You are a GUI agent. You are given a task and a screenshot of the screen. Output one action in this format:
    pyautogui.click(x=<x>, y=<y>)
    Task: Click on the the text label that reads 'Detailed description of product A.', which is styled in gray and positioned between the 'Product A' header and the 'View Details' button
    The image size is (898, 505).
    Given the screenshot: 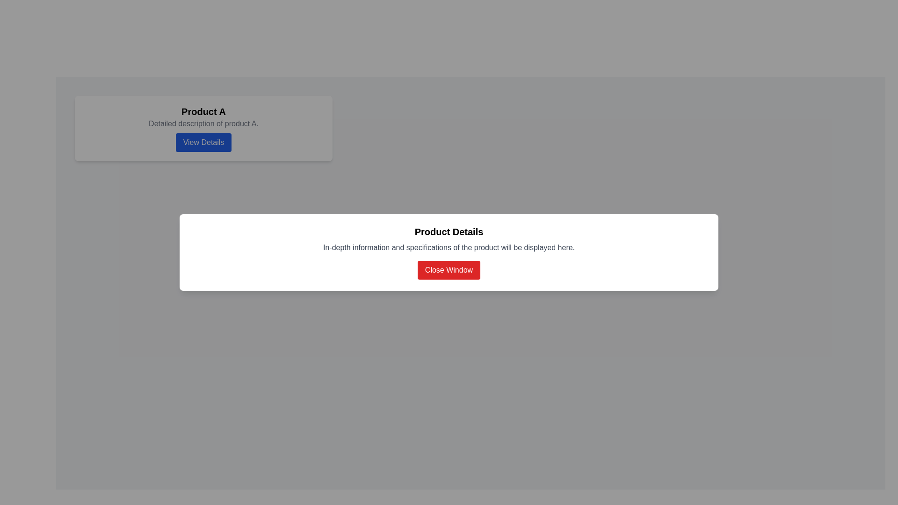 What is the action you would take?
    pyautogui.click(x=203, y=123)
    